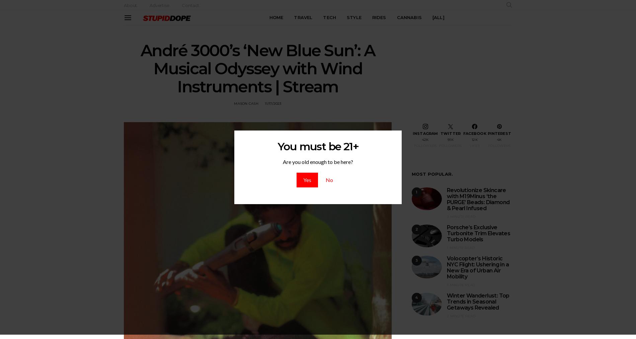  I want to click on 'Twitter', so click(450, 134).